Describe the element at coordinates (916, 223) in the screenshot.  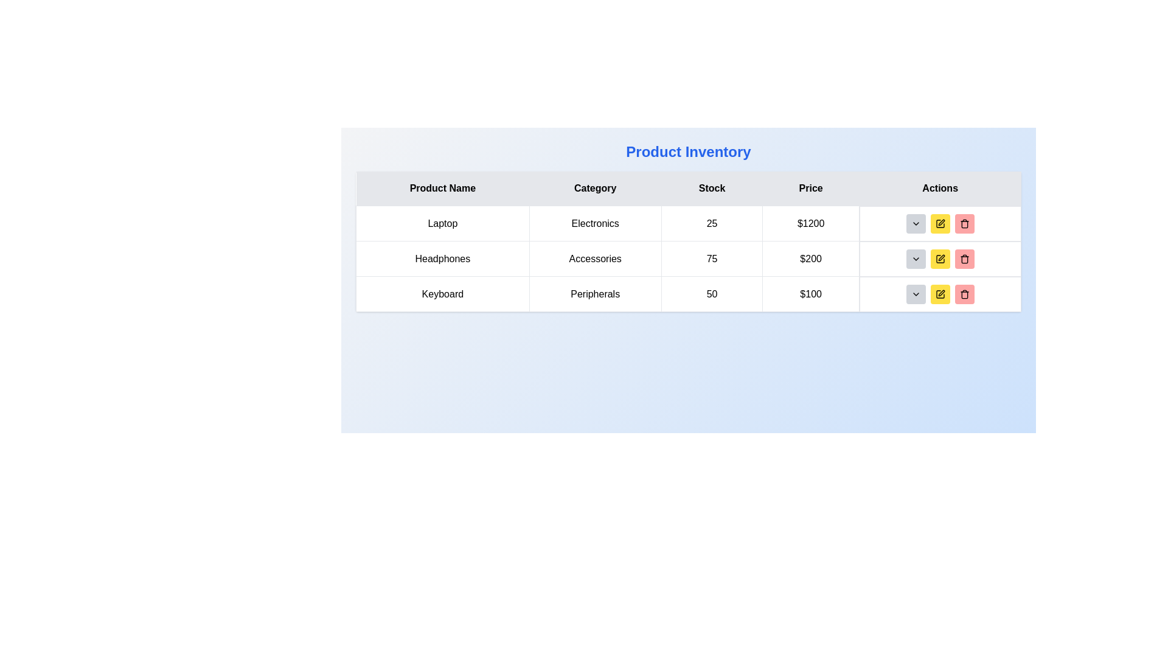
I see `the dropdown toggle button with chevron icon located in the 'Actions' column of the first row in the product inventory table` at that location.